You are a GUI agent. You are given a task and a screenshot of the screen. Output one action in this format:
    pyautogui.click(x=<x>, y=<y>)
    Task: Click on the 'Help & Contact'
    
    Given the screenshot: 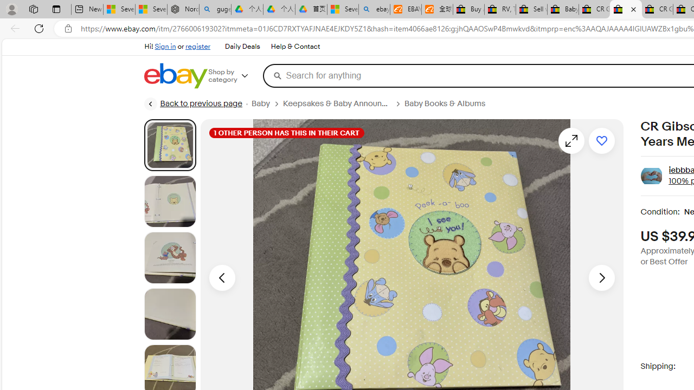 What is the action you would take?
    pyautogui.click(x=295, y=46)
    